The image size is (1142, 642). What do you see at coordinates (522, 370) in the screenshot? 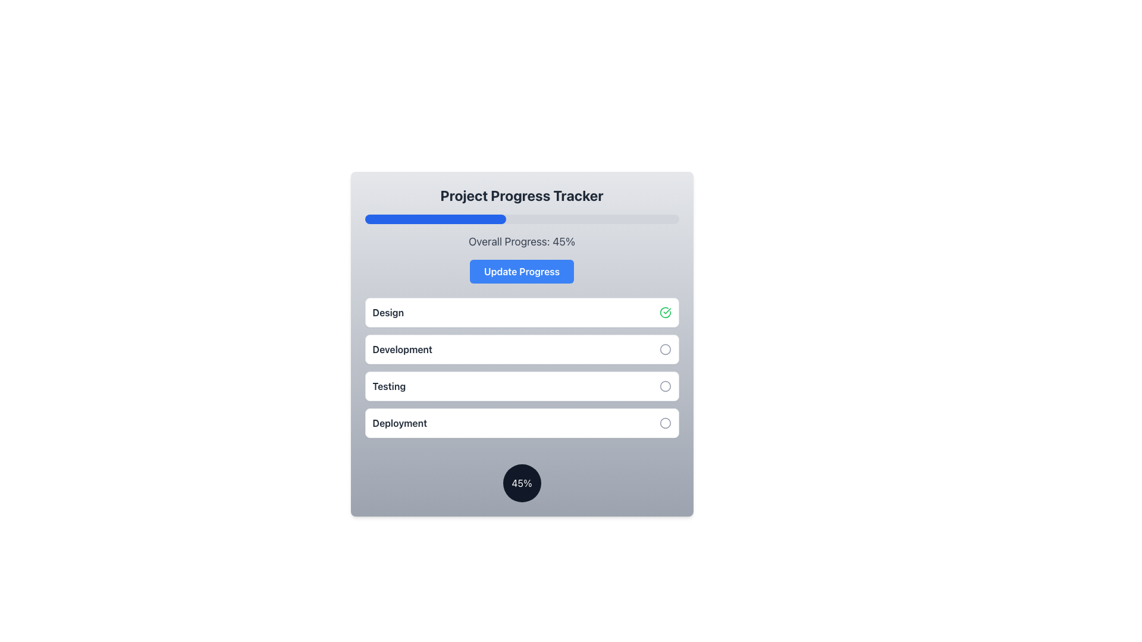
I see `the stages and their statuses in the 'Project Progress Tracker' list, which includes 'Design', 'Development', 'Testing', and 'Deployment' entries` at bounding box center [522, 370].